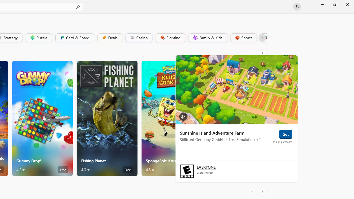  What do you see at coordinates (205, 166) in the screenshot?
I see `'Age rating: EVERYONE. Click for more information.'` at bounding box center [205, 166].